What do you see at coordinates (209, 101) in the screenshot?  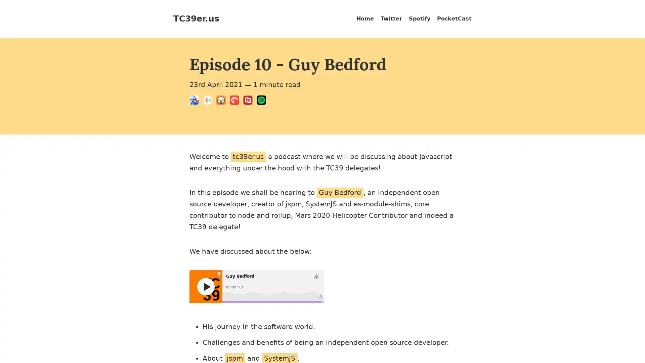 I see `Google Podcasts Logo` at bounding box center [209, 101].